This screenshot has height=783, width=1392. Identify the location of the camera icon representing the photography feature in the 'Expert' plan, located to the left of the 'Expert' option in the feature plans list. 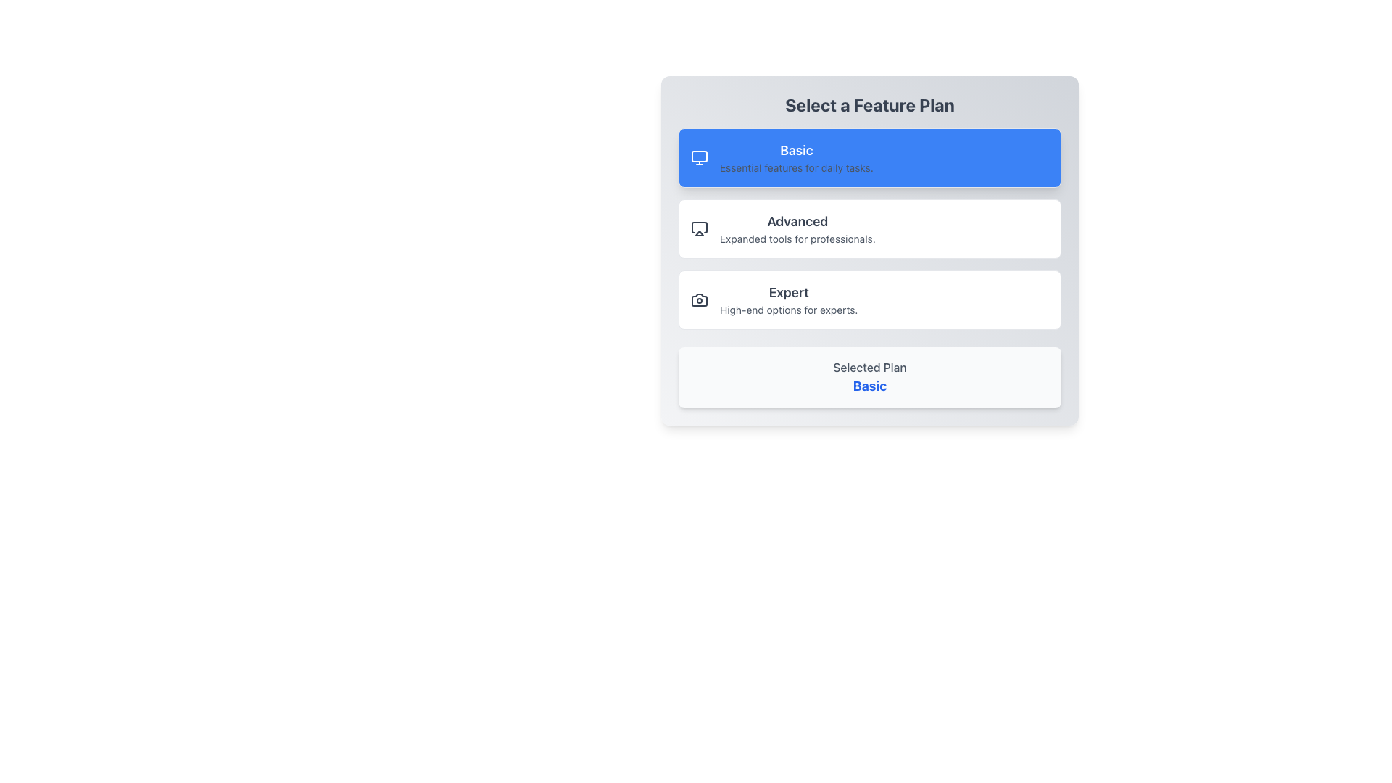
(699, 299).